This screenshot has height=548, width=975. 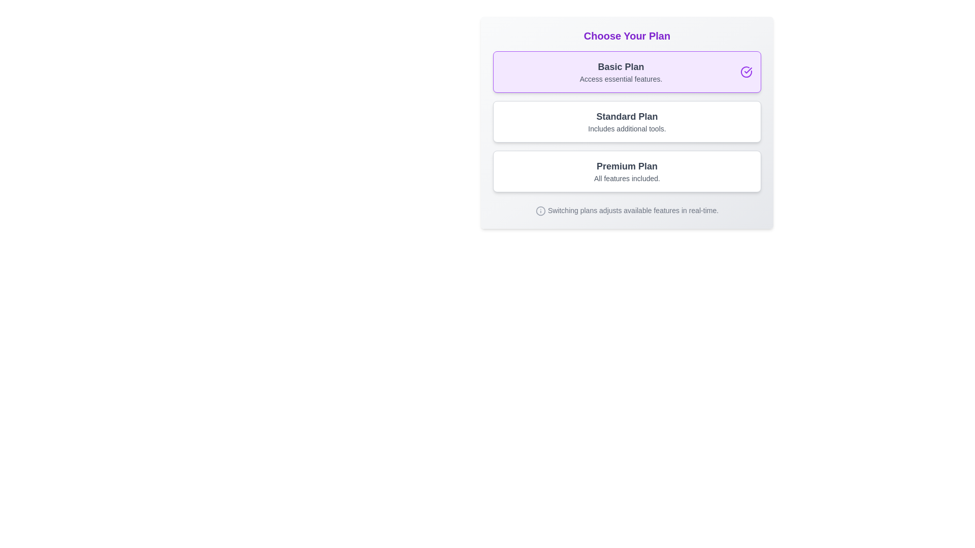 What do you see at coordinates (633, 210) in the screenshot?
I see `the text label that provides additional information about the impact of switching plans, located below the 'Choose Your Plan' section` at bounding box center [633, 210].